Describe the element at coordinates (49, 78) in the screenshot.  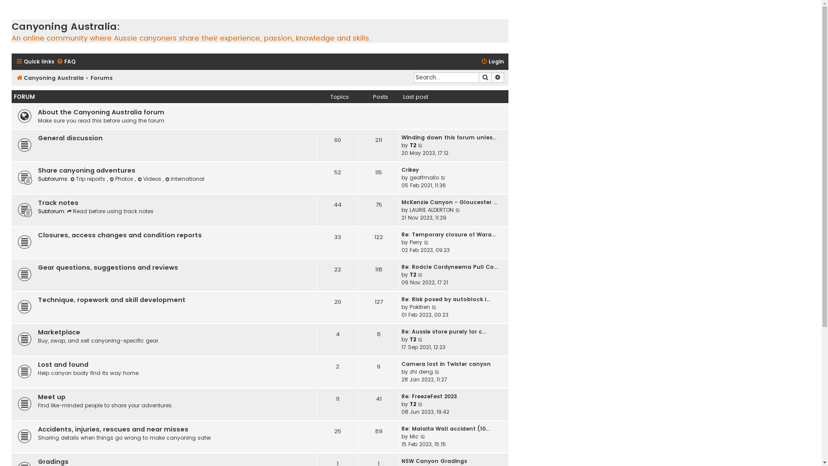
I see `'Canyoning Australia'` at that location.